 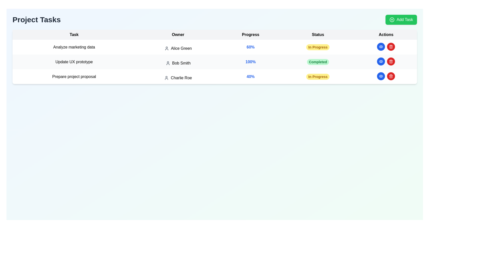 I want to click on the circular red button with a trash can icon located in the 'Actions' column of the second row to initiate the delete action, so click(x=391, y=46).